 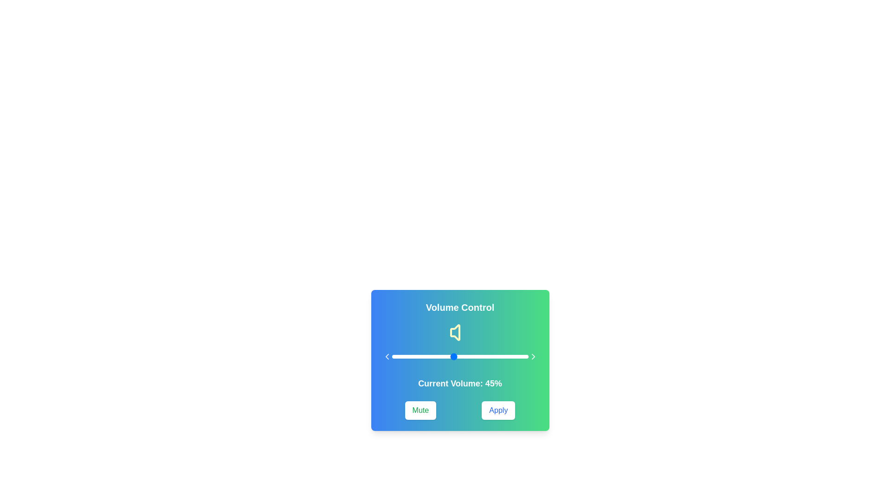 What do you see at coordinates (533, 356) in the screenshot?
I see `the right chevron button to increase the volume` at bounding box center [533, 356].